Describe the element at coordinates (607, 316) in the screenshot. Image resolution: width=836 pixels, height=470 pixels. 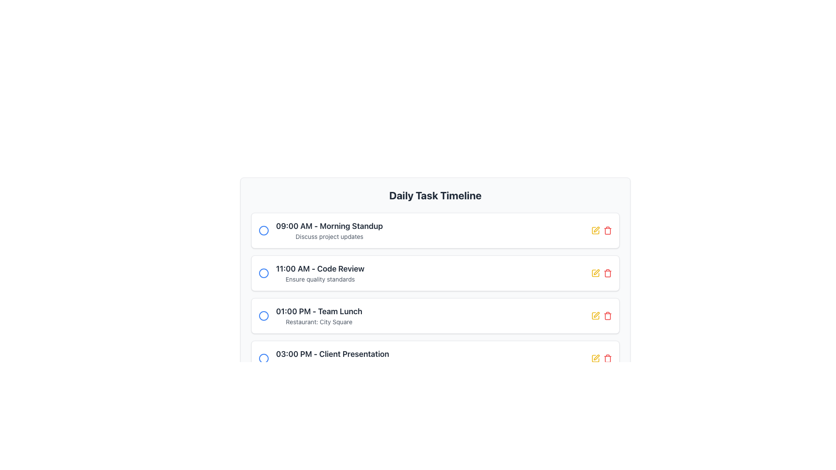
I see `the delete icon button located on the right side of the task row in the timeline view to change its color` at that location.